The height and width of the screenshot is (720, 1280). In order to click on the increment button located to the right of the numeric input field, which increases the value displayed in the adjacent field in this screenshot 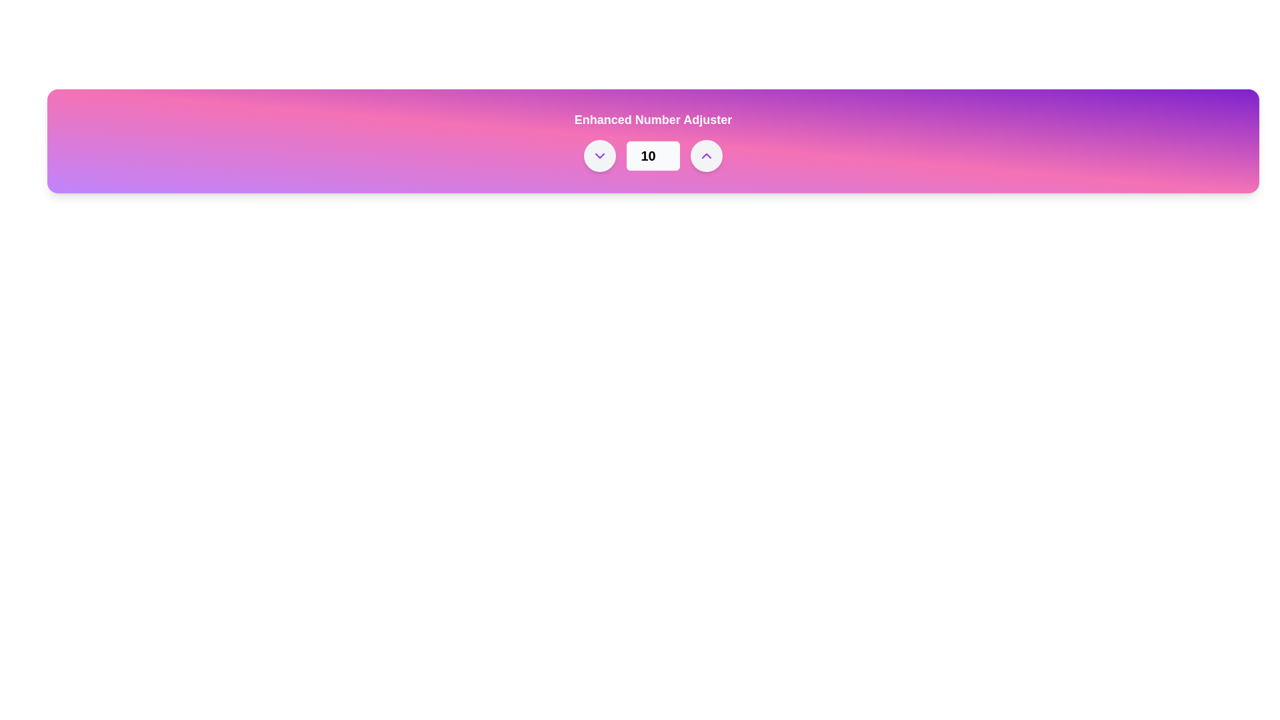, I will do `click(706, 155)`.